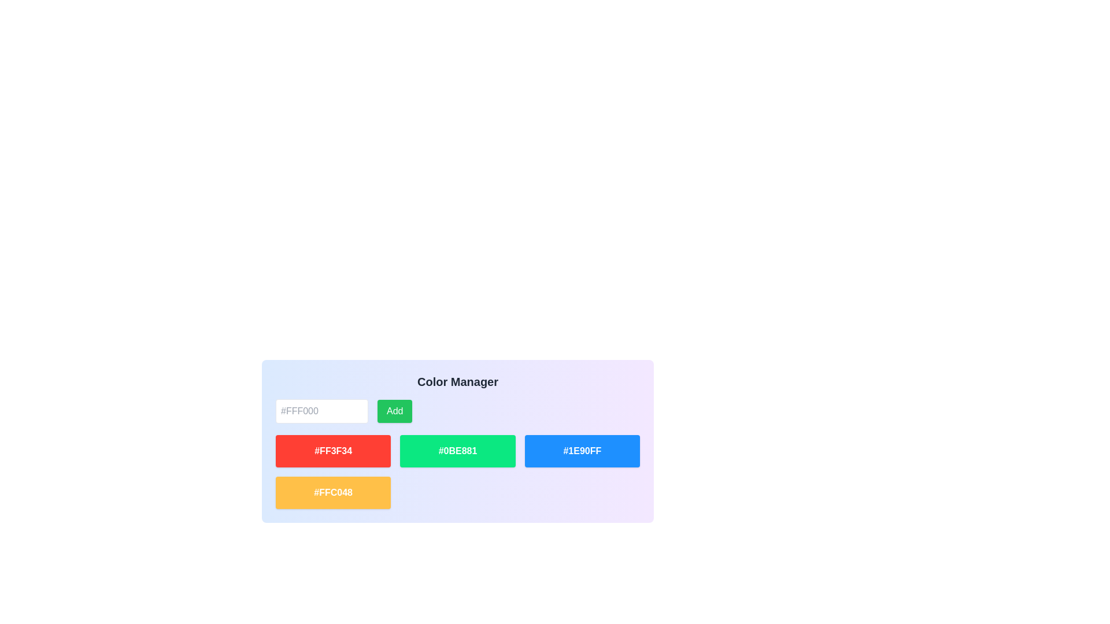  Describe the element at coordinates (457, 441) in the screenshot. I see `the color tag element displaying the color '#0BE881' in bold green with white text, located in the 'Color Manager' interface` at that location.